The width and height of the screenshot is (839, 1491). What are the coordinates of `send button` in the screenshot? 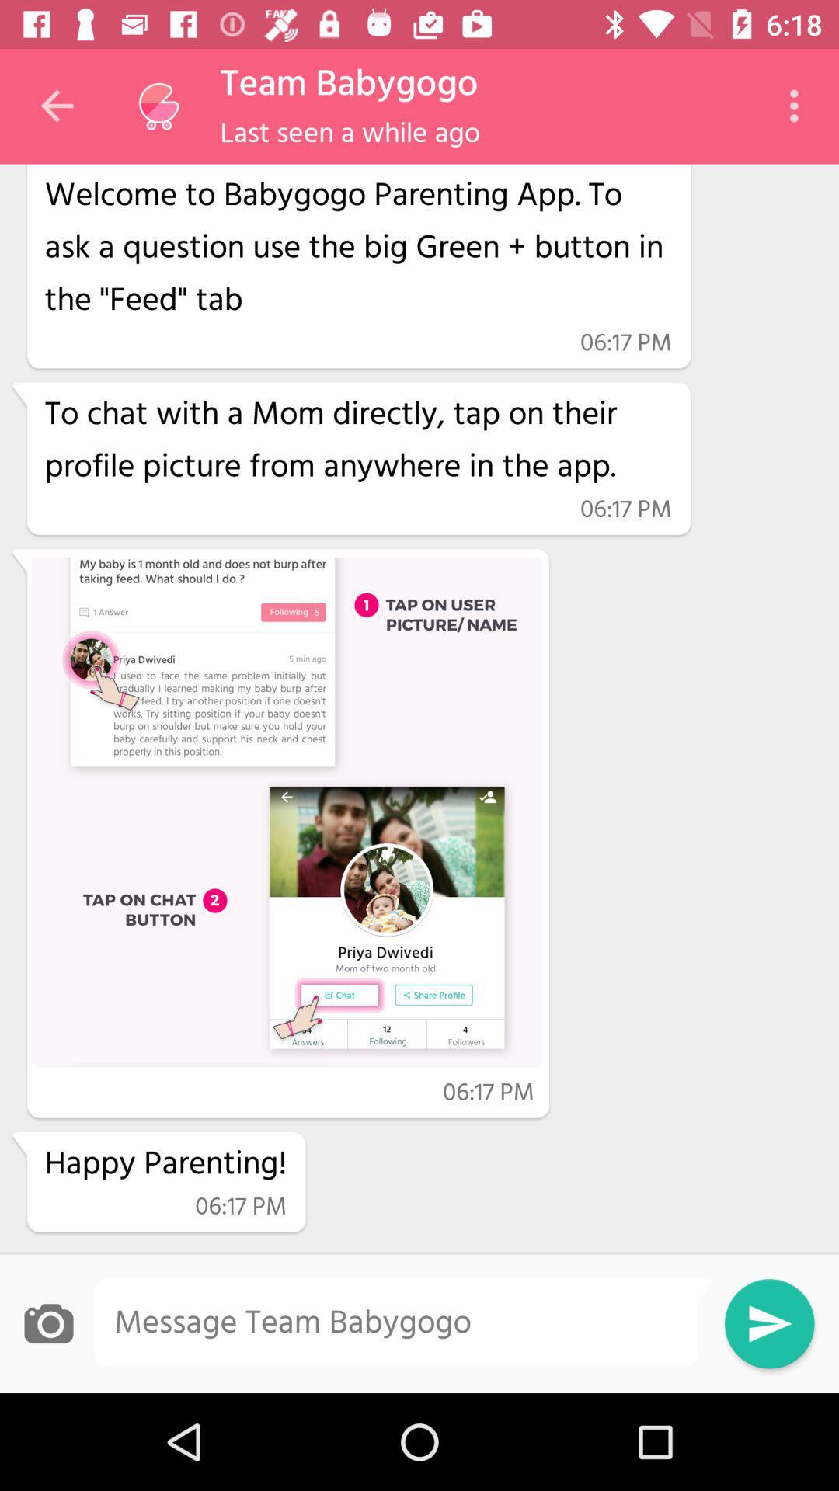 It's located at (769, 1322).